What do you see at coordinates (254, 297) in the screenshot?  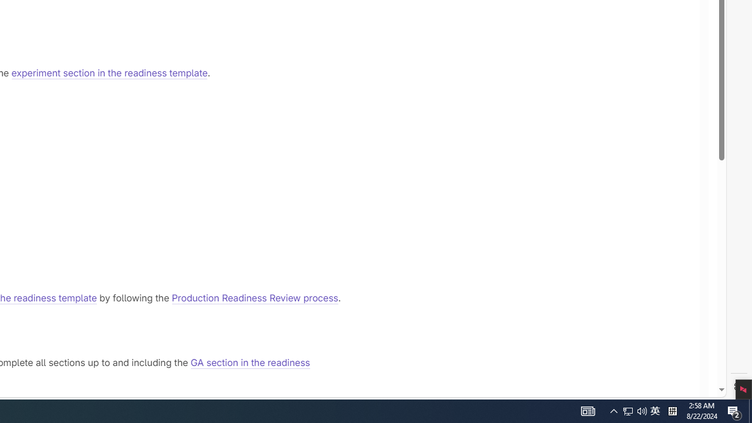 I see `'Production Readiness Review process'` at bounding box center [254, 297].